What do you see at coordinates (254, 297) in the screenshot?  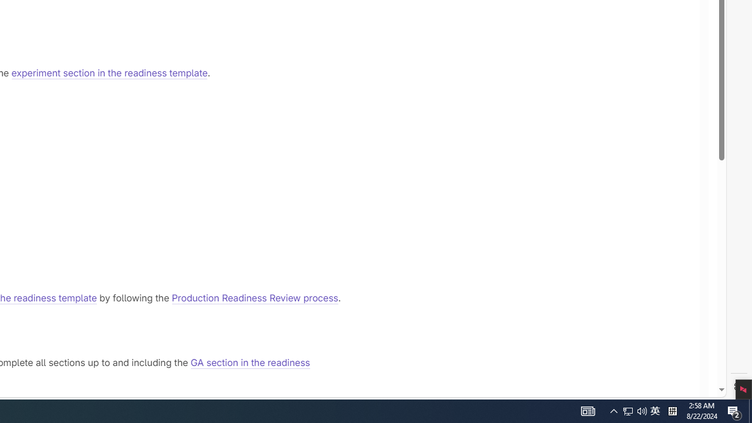 I see `'Production Readiness Review process'` at bounding box center [254, 297].